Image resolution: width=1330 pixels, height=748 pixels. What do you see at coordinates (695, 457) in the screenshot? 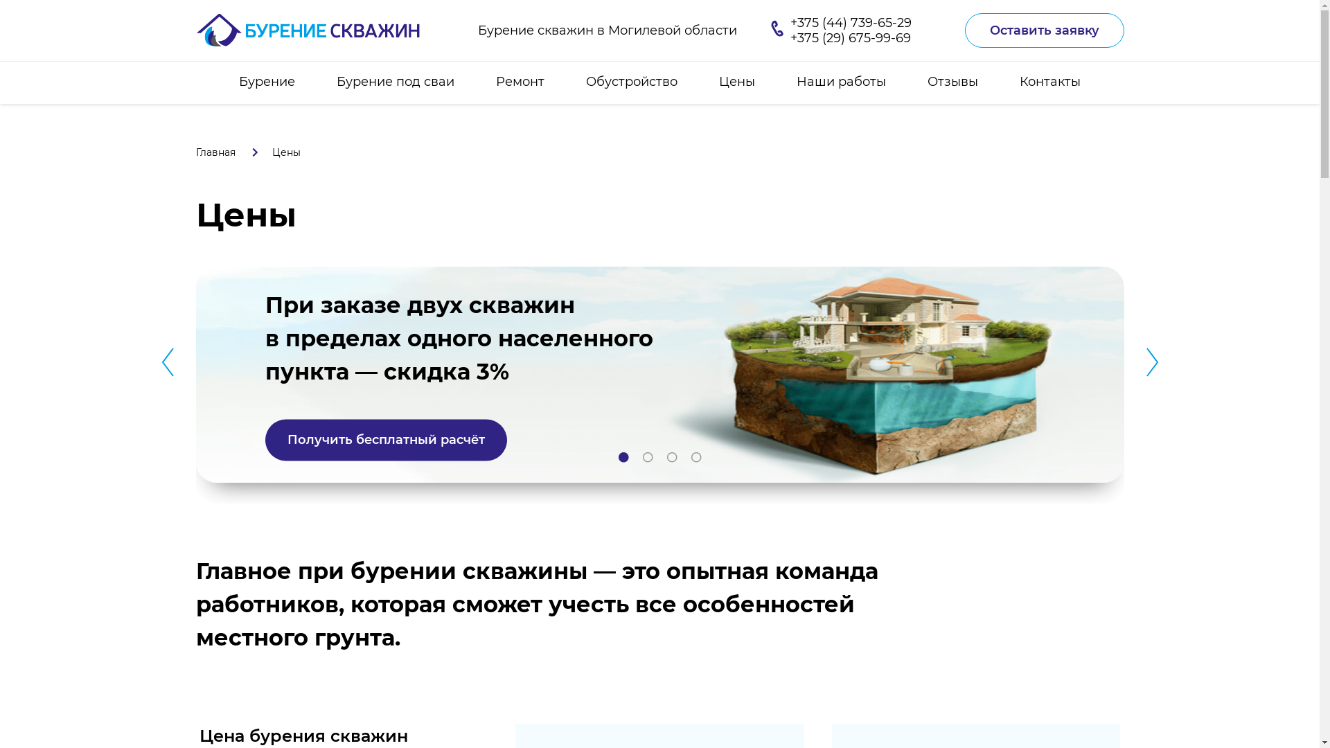
I see `'4'` at bounding box center [695, 457].